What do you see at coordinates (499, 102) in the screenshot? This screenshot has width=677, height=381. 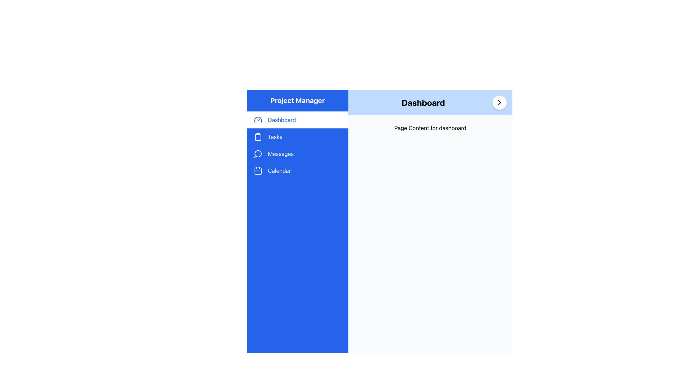 I see `the right-facing chevron arrow SVG icon located within the circular white button on the top-right corner of the blue header labeled 'Dashboard'` at bounding box center [499, 102].